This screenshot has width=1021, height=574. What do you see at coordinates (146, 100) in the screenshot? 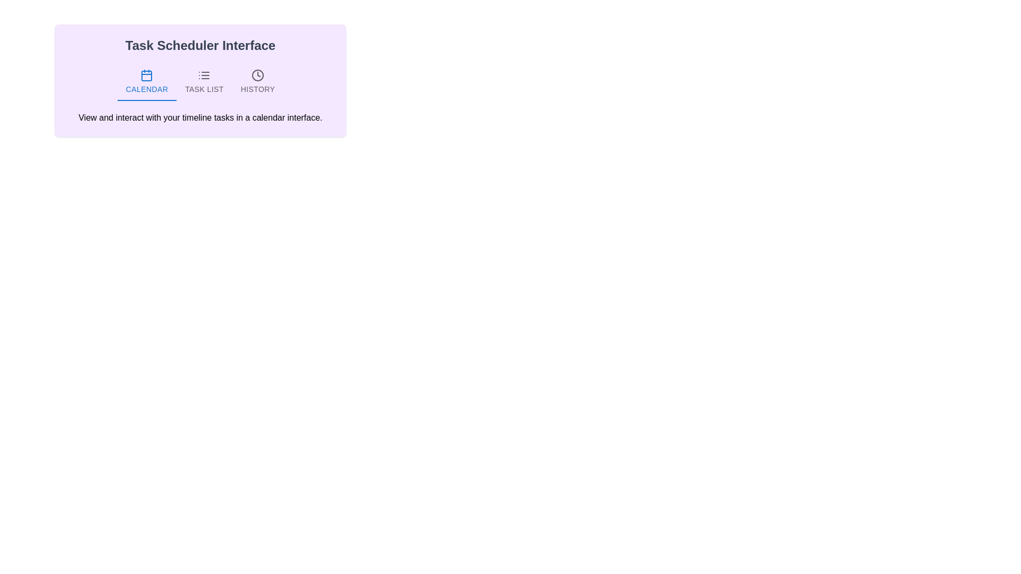
I see `the visual status of the indicator indicating the selected 'Calendar' tab, located under the 'Calendar' label` at bounding box center [146, 100].